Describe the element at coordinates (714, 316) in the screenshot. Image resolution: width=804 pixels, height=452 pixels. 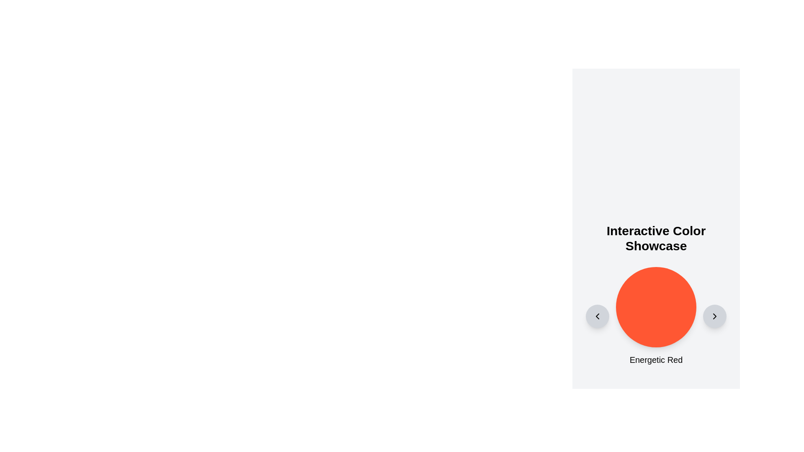
I see `the Chevron Right icon button to observe any hover effects it may have` at that location.